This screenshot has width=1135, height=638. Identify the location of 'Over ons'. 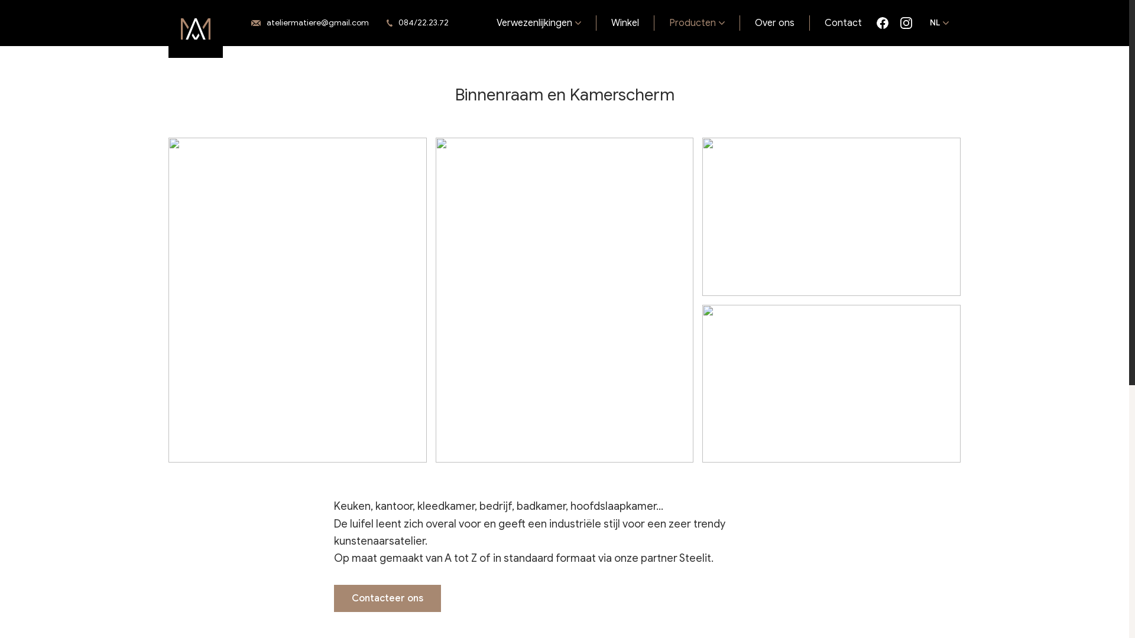
(774, 22).